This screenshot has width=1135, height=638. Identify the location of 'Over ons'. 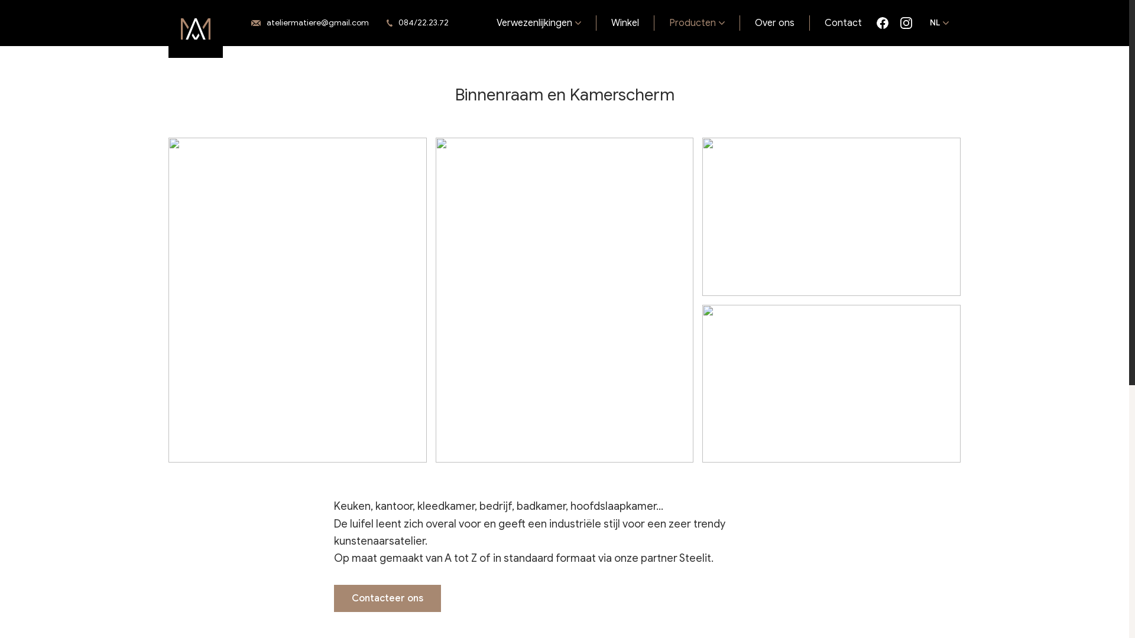
(774, 22).